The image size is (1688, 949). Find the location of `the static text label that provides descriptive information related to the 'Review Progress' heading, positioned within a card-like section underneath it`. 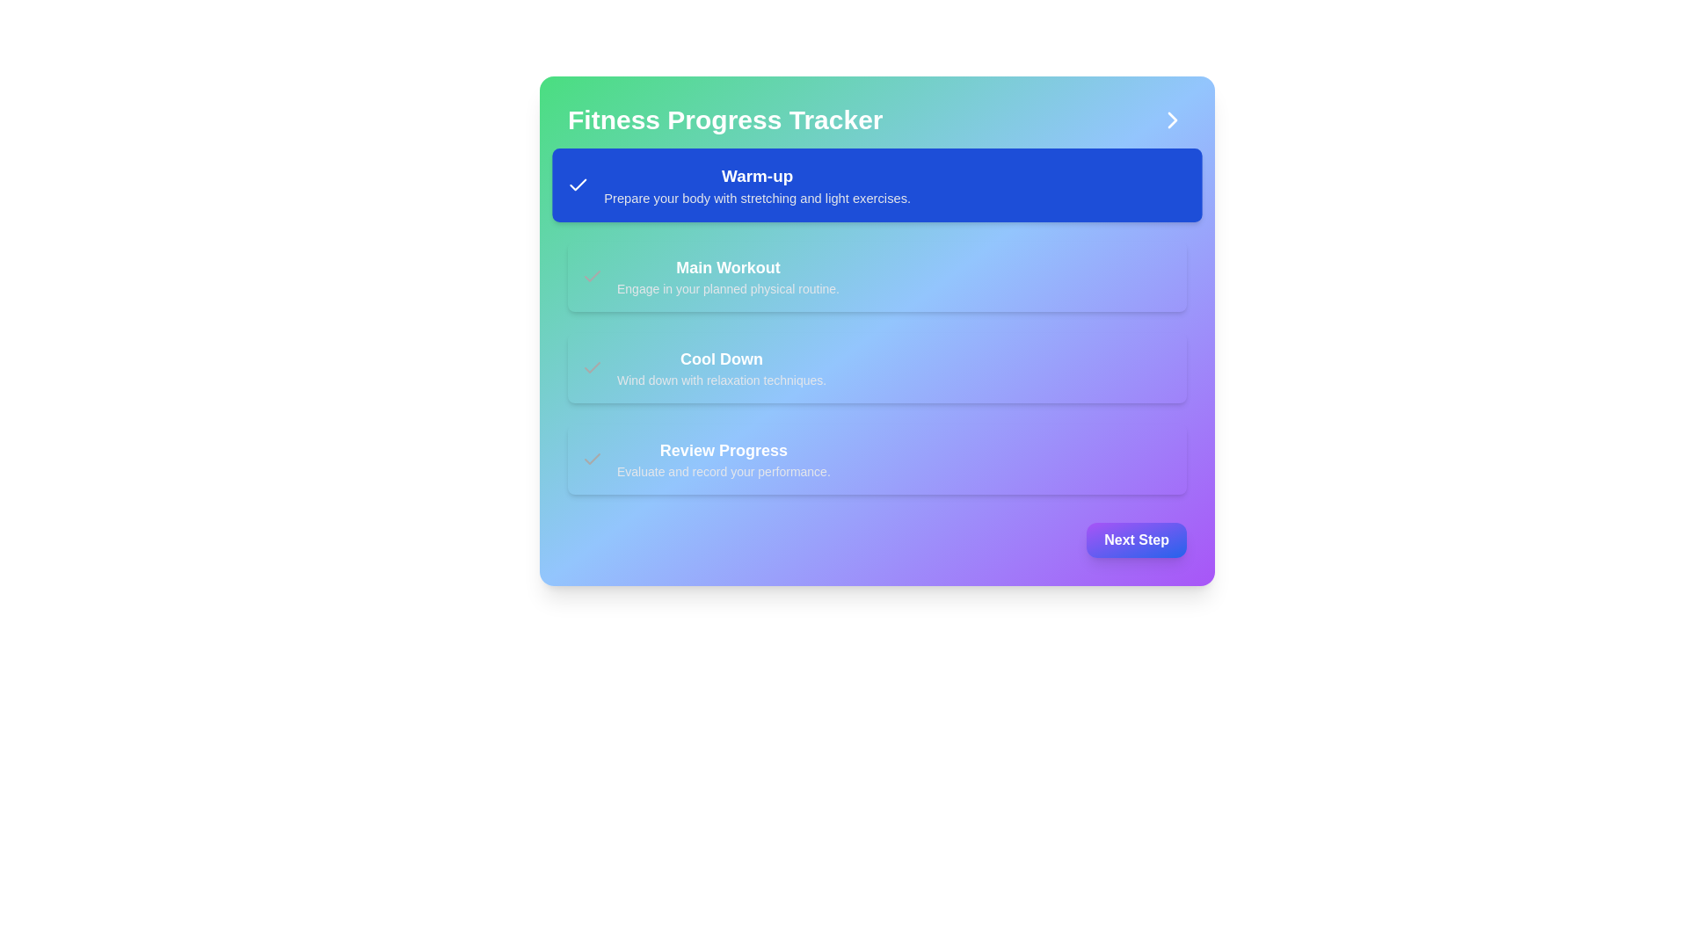

the static text label that provides descriptive information related to the 'Review Progress' heading, positioned within a card-like section underneath it is located at coordinates (724, 470).